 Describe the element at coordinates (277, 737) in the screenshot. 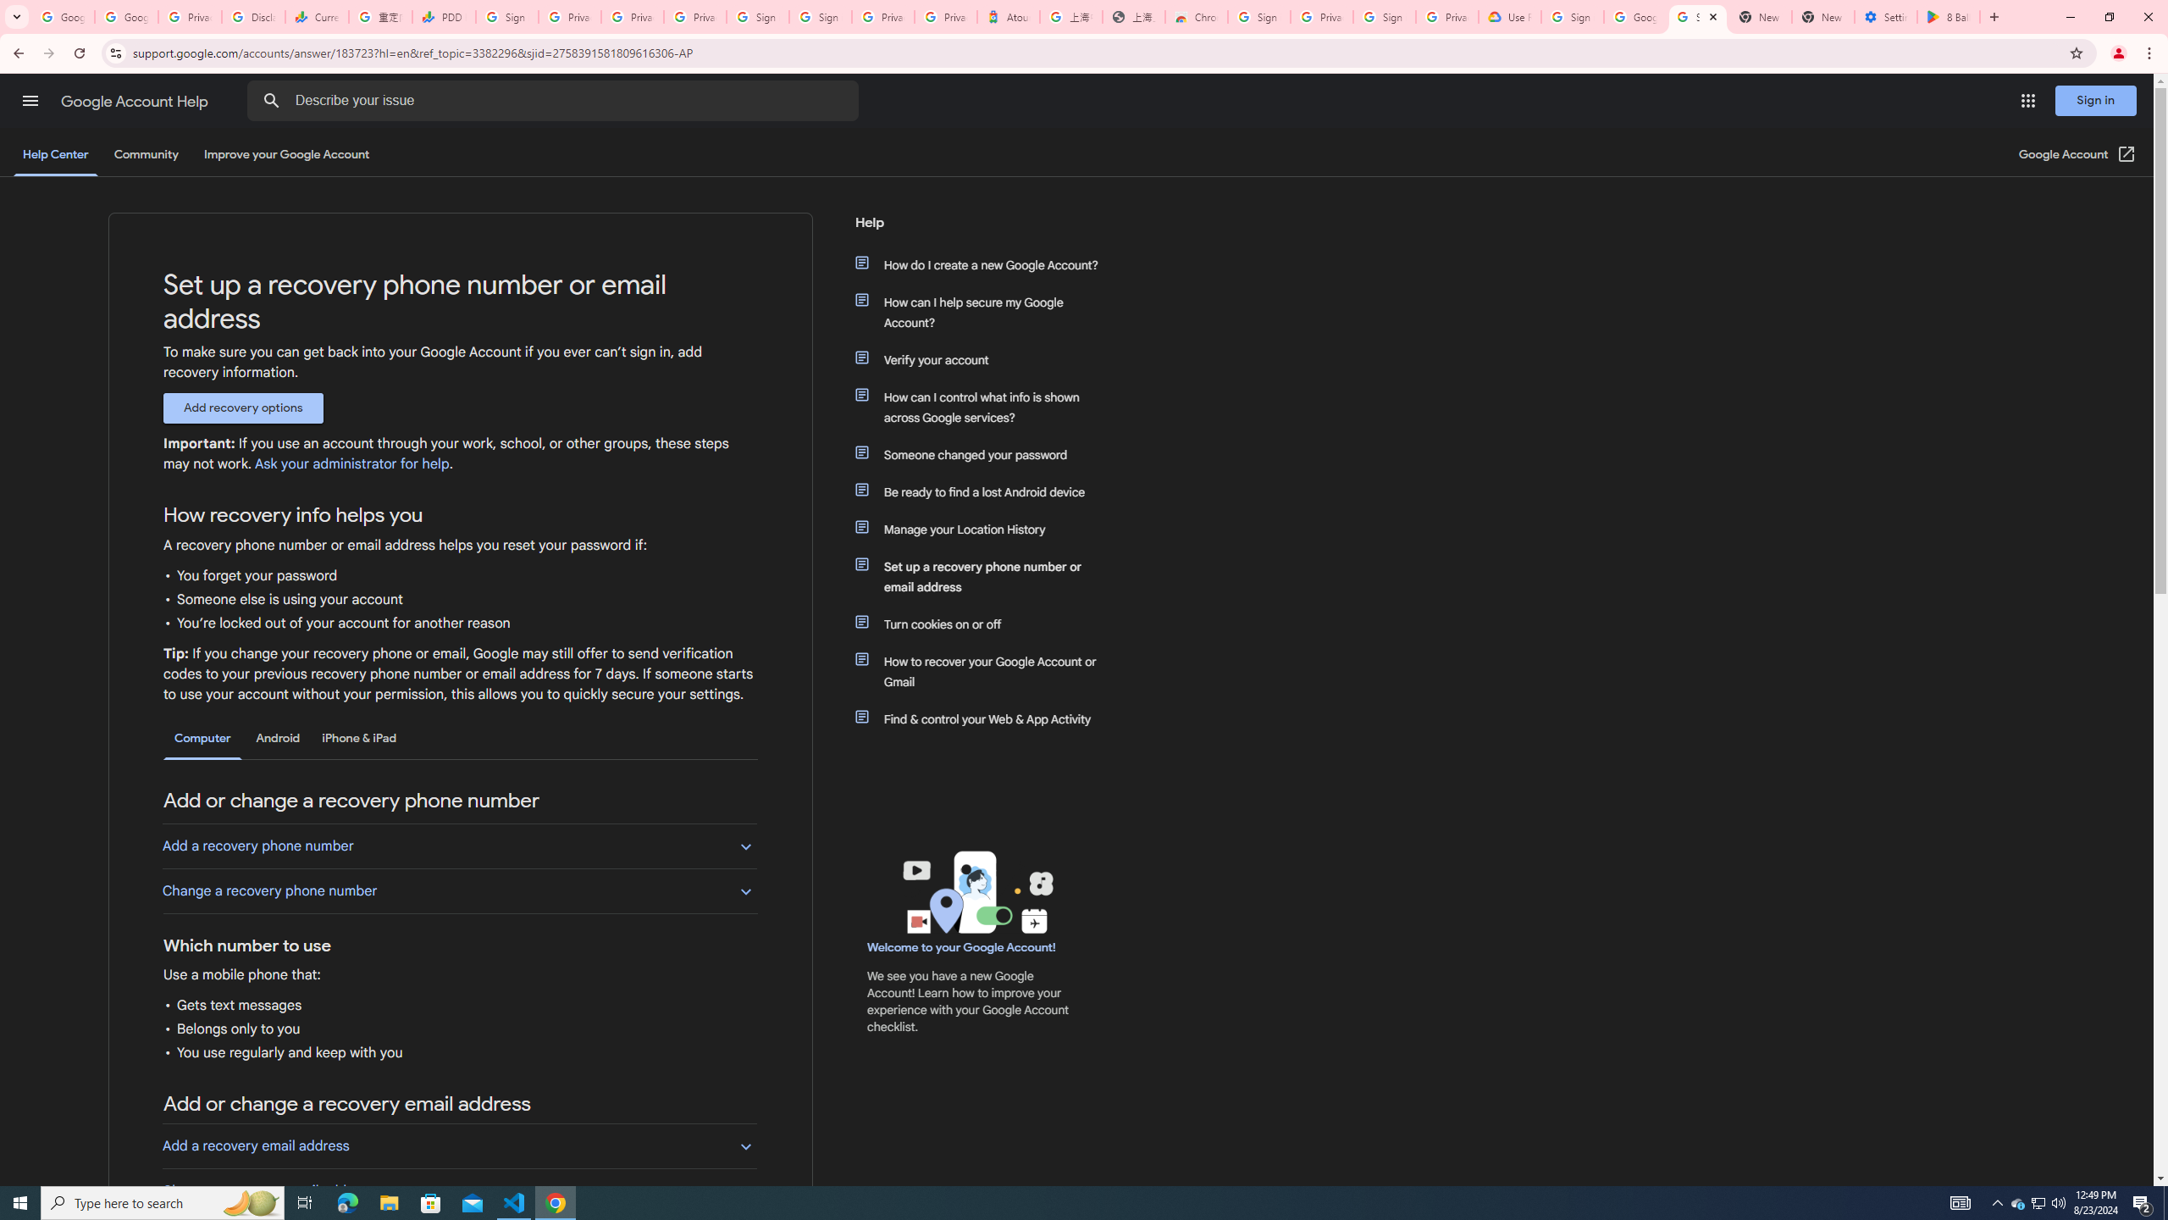

I see `'Android'` at that location.